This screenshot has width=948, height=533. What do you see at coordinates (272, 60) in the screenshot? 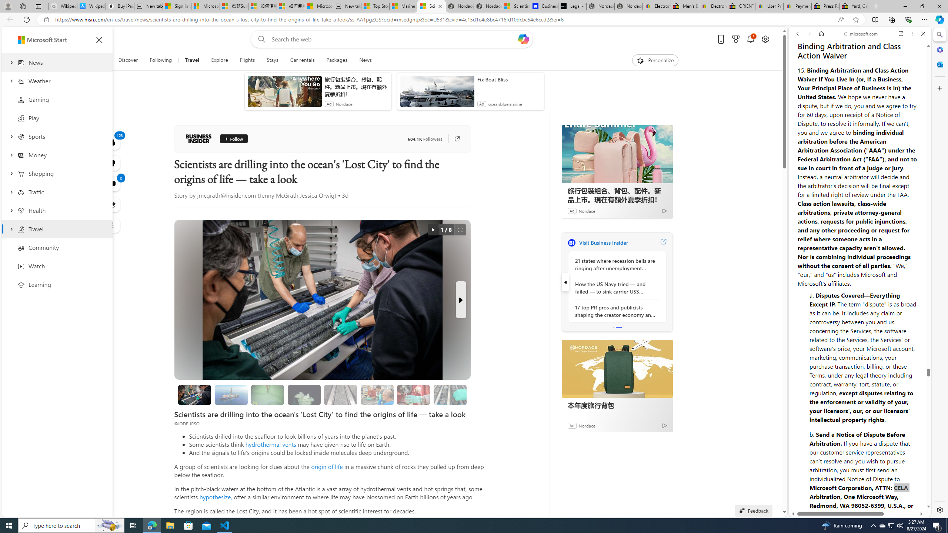
I see `'Stays'` at bounding box center [272, 60].